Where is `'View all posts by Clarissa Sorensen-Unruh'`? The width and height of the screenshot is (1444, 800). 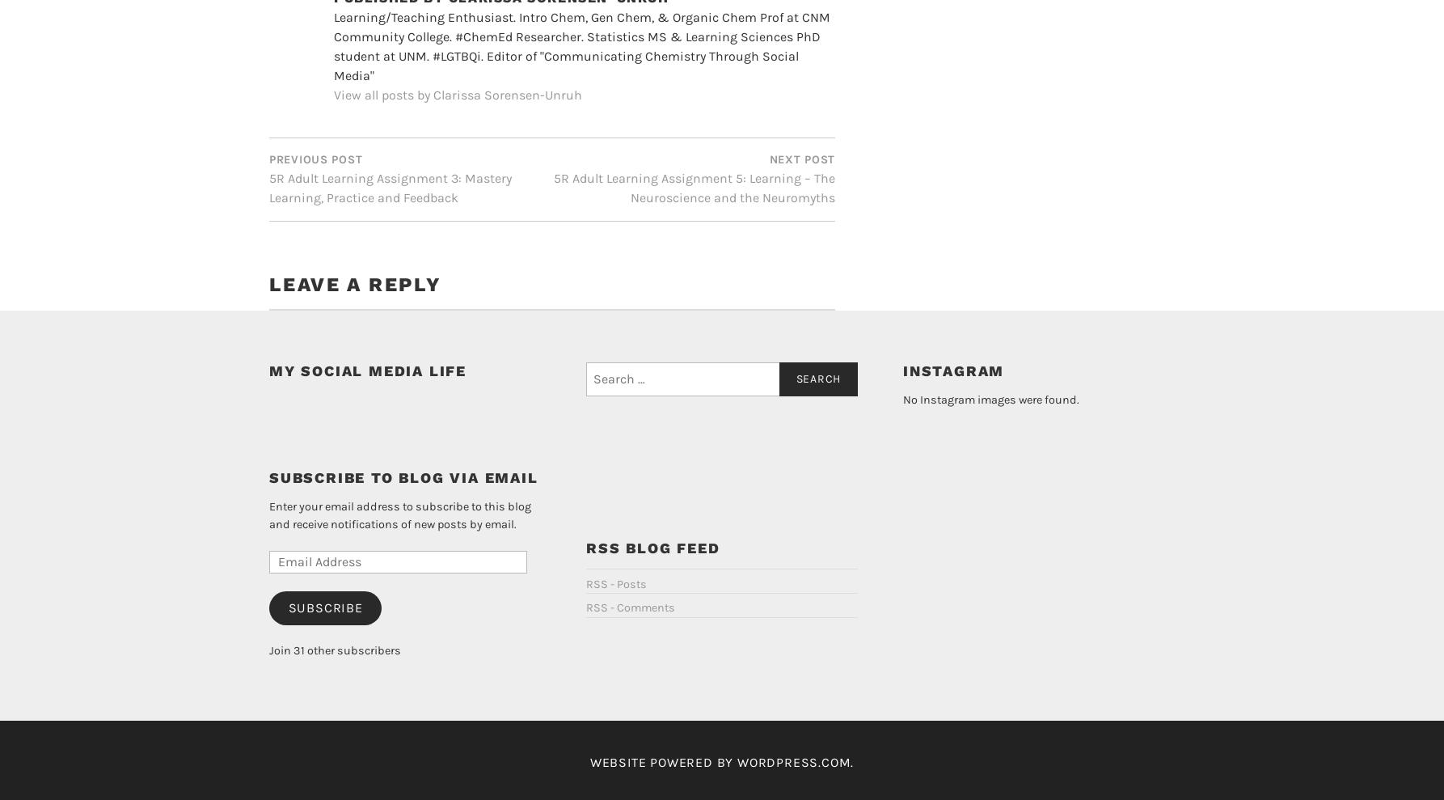 'View all posts by Clarissa Sorensen-Unruh' is located at coordinates (457, 68).